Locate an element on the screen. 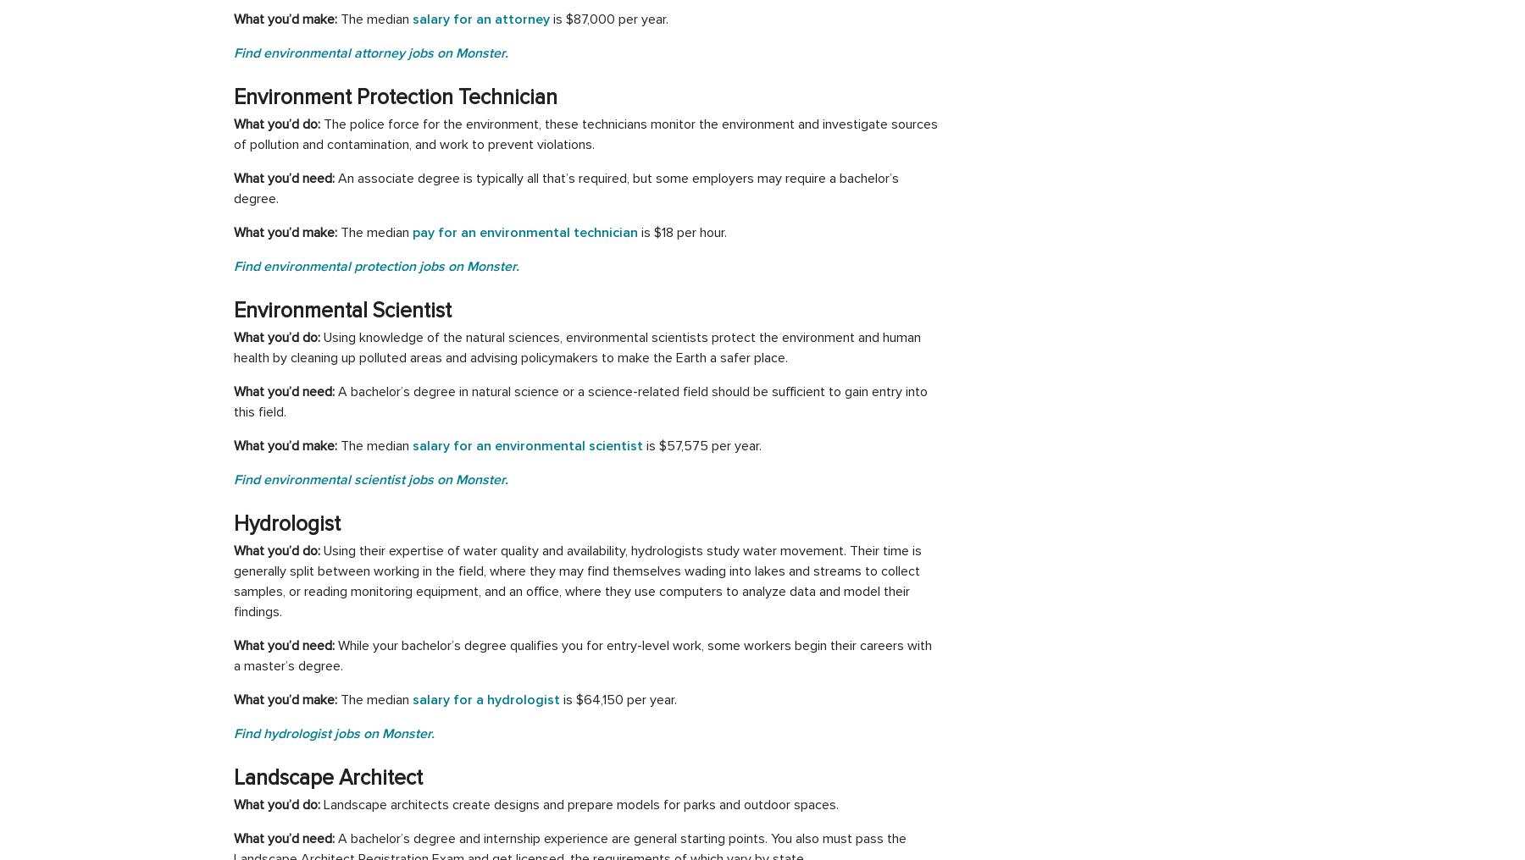  'While your bachelor’s degree qualifies you for entry-level work, some workers begin their careers with a master’s degree.' is located at coordinates (581, 655).